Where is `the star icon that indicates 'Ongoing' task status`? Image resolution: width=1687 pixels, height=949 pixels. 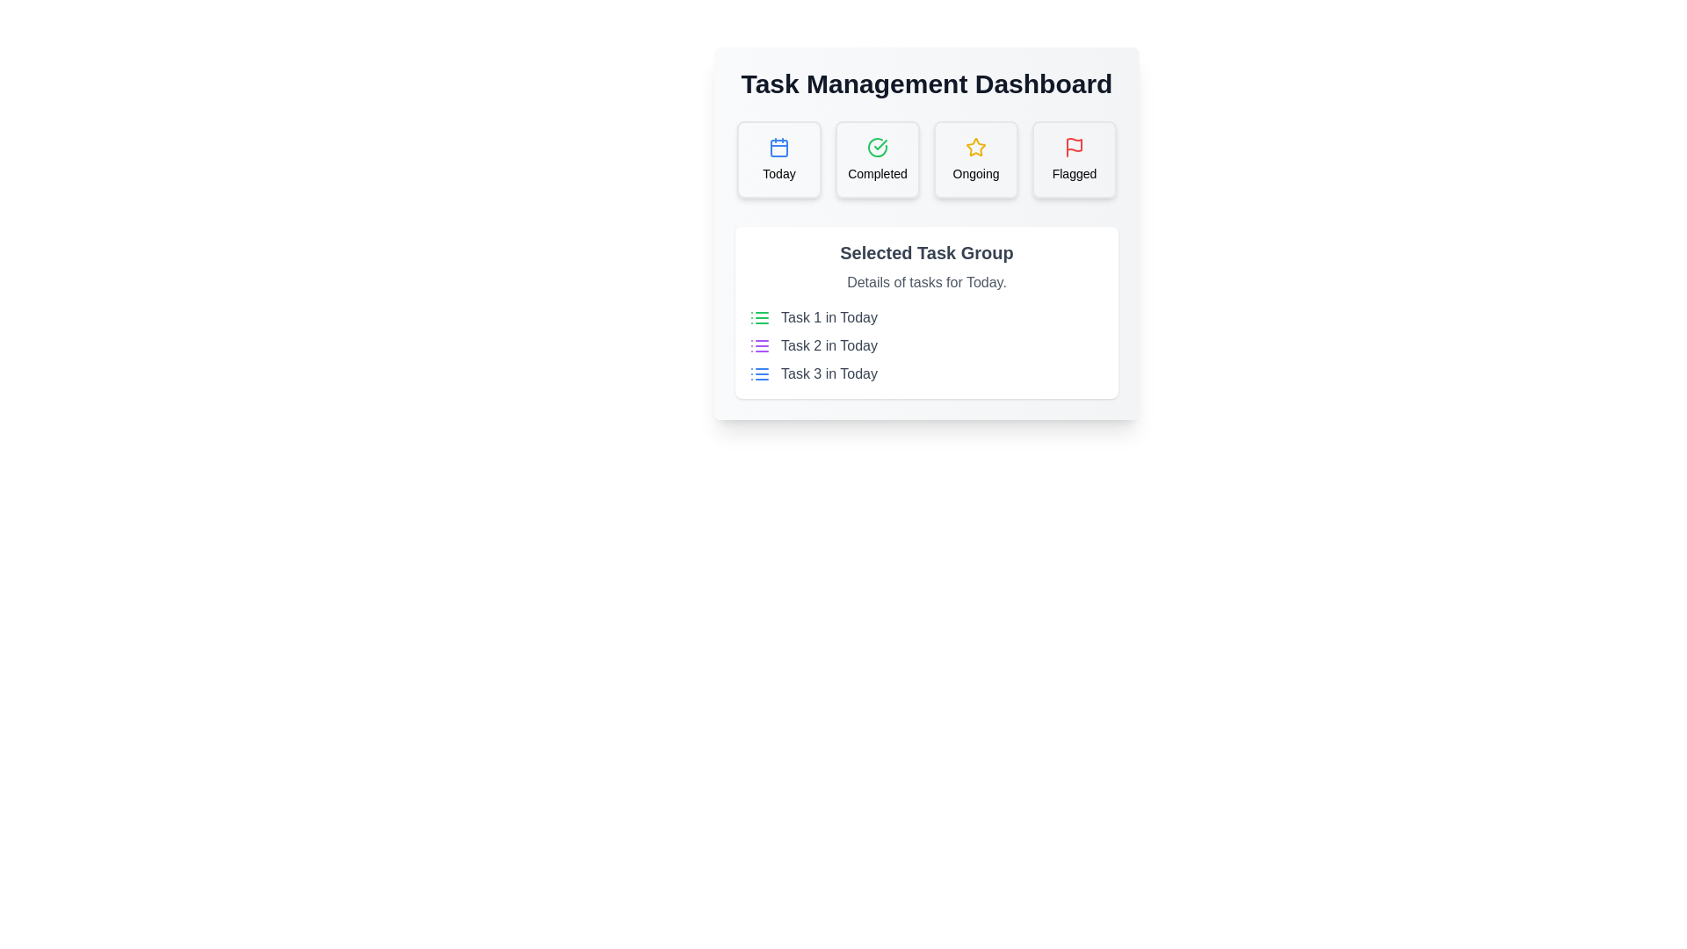 the star icon that indicates 'Ongoing' task status is located at coordinates (974, 146).